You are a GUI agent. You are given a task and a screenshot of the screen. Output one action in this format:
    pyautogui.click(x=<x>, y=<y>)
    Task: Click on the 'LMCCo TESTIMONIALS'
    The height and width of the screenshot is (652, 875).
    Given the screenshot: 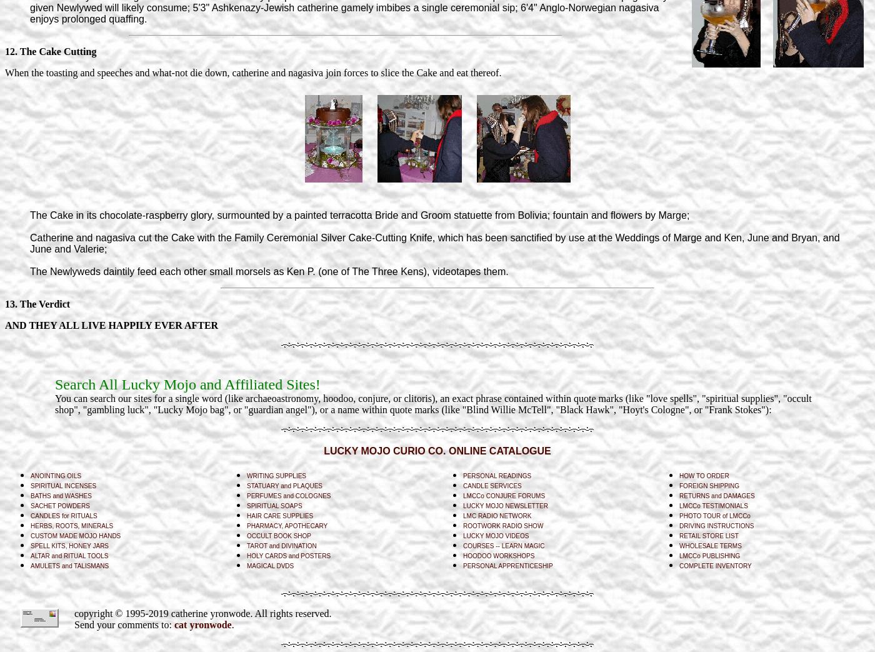 What is the action you would take?
    pyautogui.click(x=679, y=504)
    